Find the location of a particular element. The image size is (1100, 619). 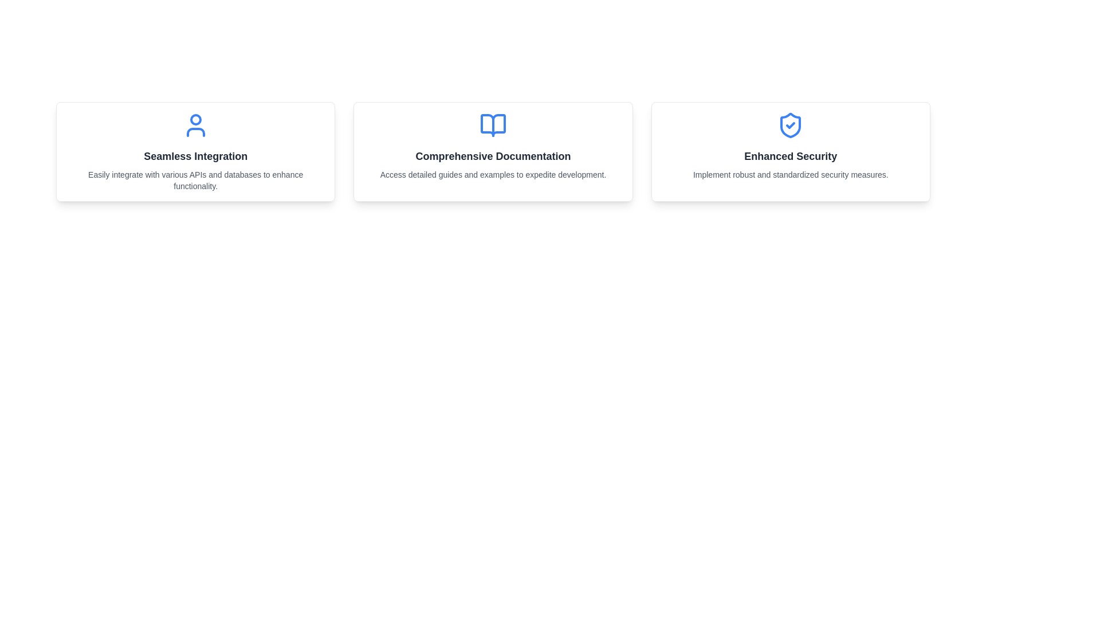

the blue person SVG icon located in the first card above the text 'Seamless Integration' is located at coordinates (195, 126).